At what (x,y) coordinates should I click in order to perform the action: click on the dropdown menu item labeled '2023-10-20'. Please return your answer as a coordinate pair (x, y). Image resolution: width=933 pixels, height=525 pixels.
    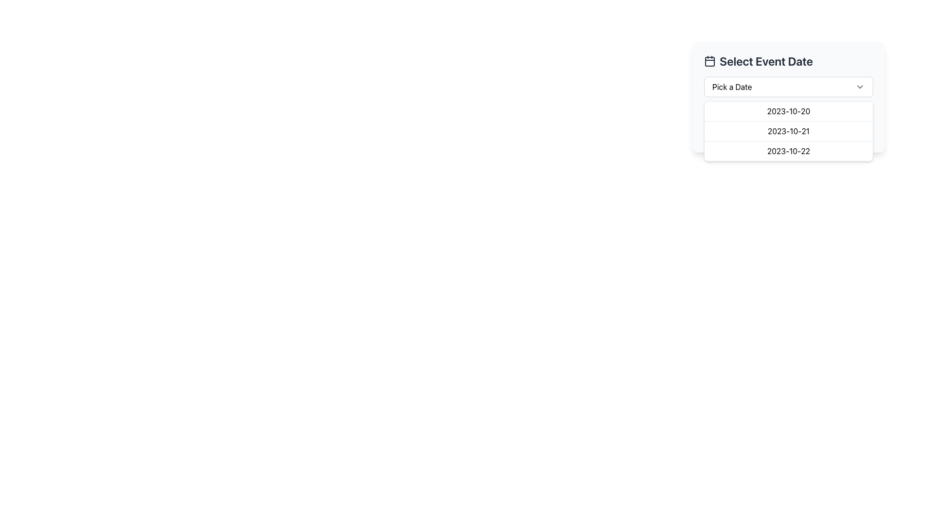
    Looking at the image, I should click on (788, 110).